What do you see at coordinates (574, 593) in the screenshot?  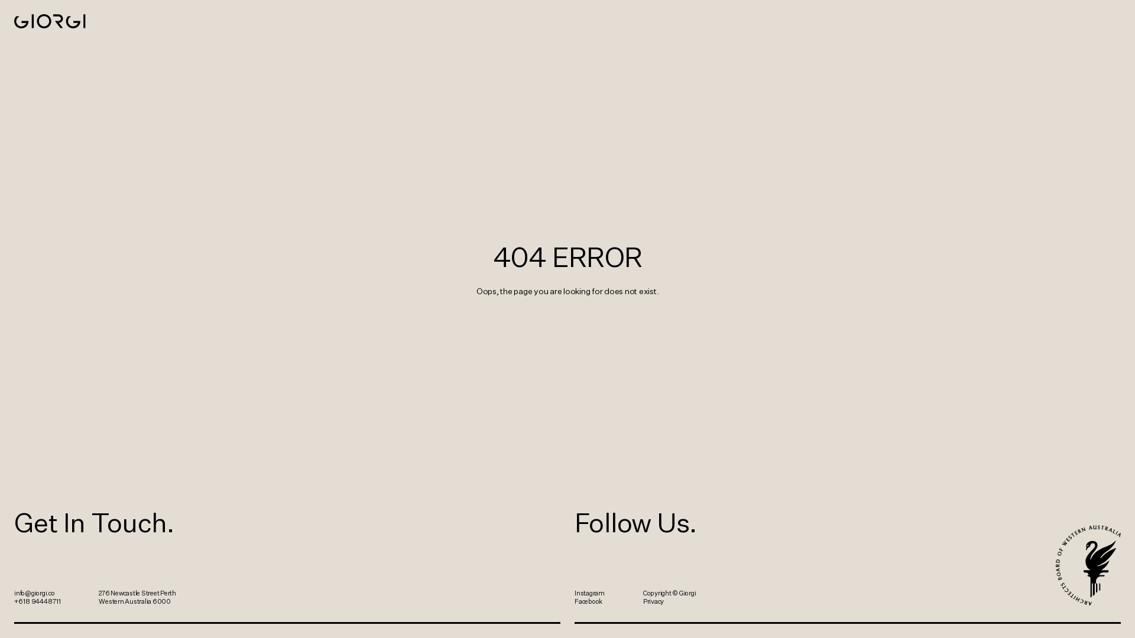 I see `'Instagram'` at bounding box center [574, 593].